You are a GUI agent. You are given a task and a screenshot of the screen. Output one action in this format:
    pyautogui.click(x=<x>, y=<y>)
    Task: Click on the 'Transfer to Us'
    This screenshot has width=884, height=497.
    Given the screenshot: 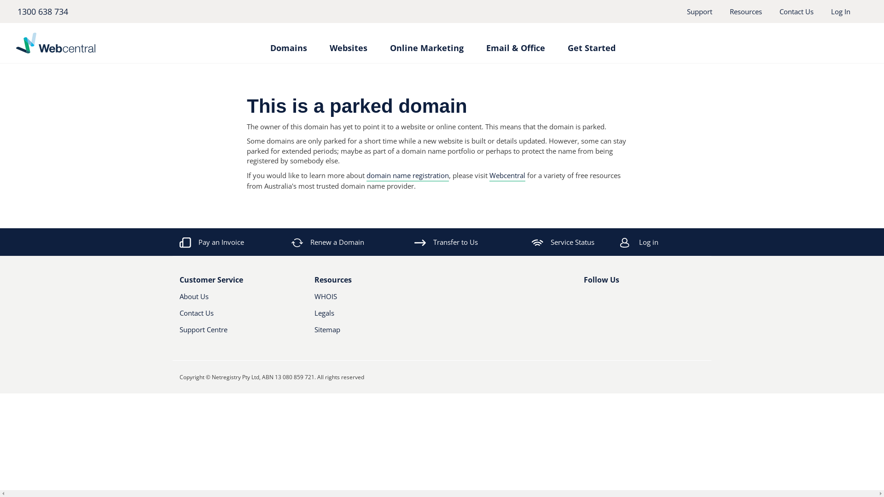 What is the action you would take?
    pyautogui.click(x=446, y=241)
    